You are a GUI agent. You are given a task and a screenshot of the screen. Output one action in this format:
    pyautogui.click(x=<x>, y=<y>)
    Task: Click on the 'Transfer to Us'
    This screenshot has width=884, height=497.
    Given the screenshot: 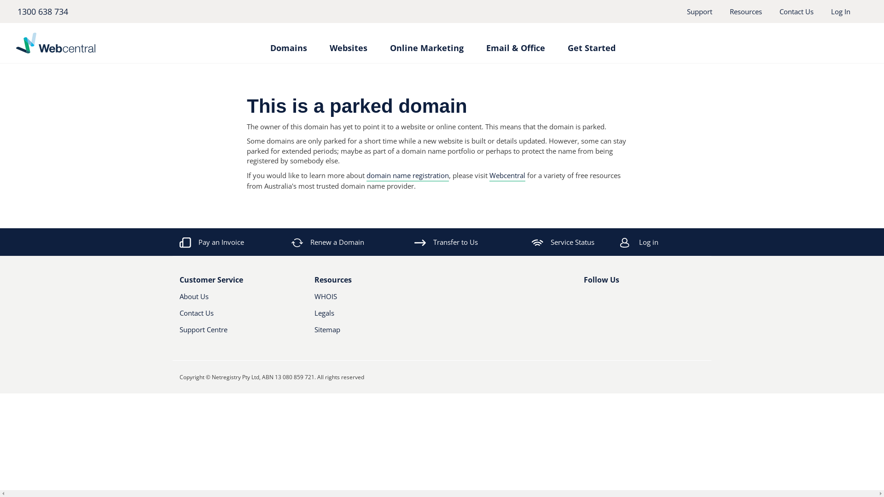 What is the action you would take?
    pyautogui.click(x=446, y=241)
    